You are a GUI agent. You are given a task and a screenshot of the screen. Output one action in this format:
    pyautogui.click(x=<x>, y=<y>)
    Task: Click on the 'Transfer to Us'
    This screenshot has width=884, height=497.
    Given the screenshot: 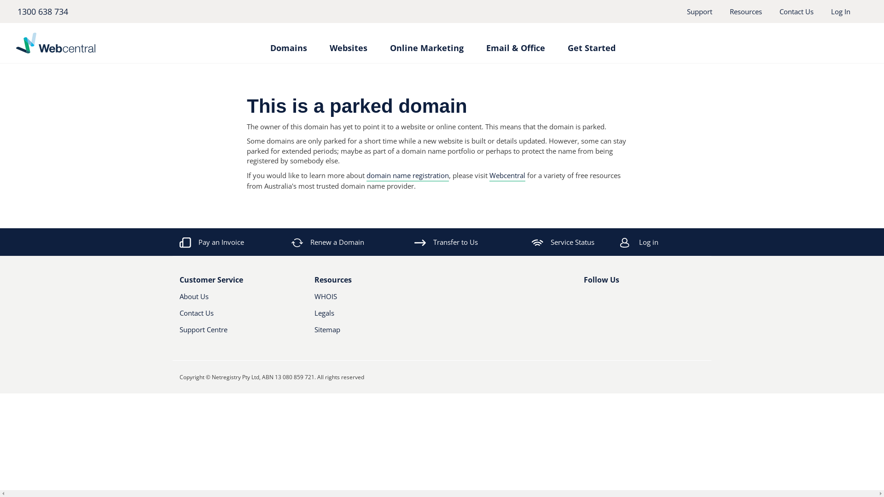 What is the action you would take?
    pyautogui.click(x=446, y=241)
    